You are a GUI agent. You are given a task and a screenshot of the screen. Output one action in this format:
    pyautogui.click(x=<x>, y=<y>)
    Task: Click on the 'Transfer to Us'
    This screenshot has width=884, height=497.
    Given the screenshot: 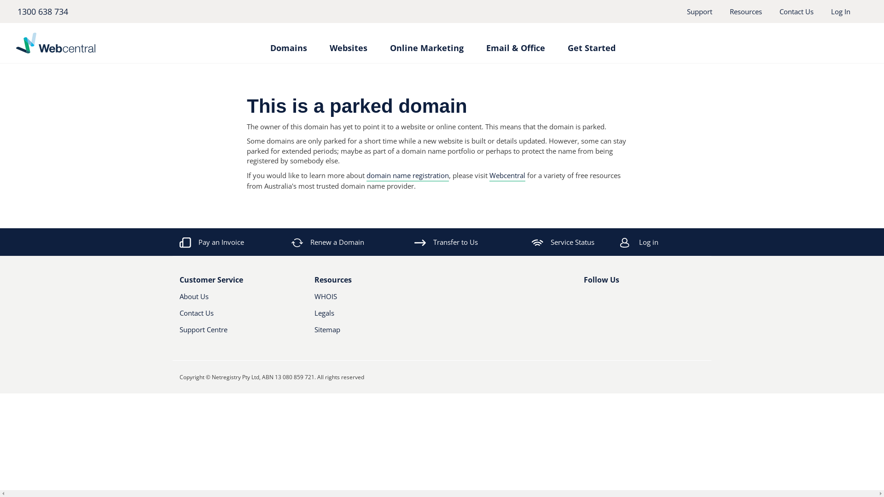 What is the action you would take?
    pyautogui.click(x=446, y=241)
    